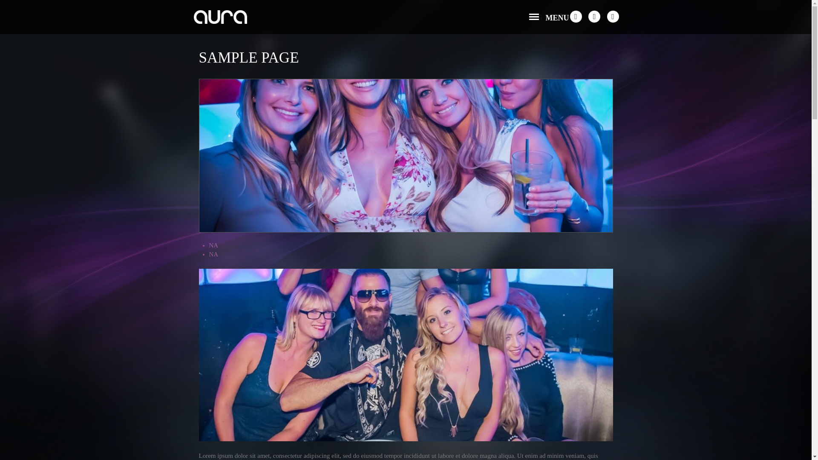  Describe the element at coordinates (213, 245) in the screenshot. I see `'NA'` at that location.